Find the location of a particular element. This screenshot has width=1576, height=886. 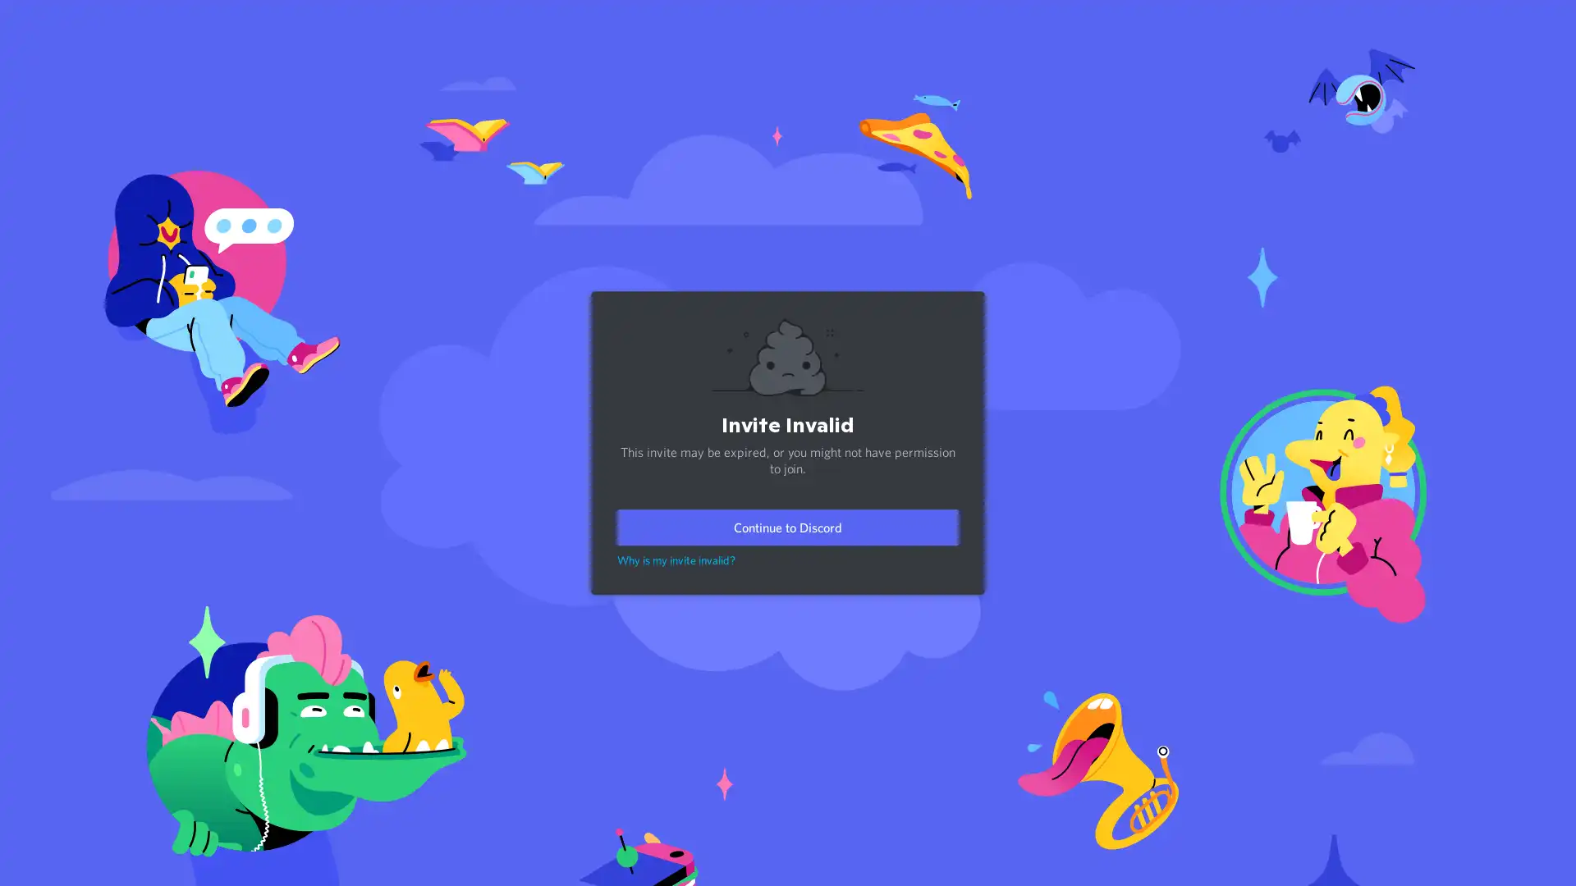

Why is my invite invalid? is located at coordinates (676, 559).